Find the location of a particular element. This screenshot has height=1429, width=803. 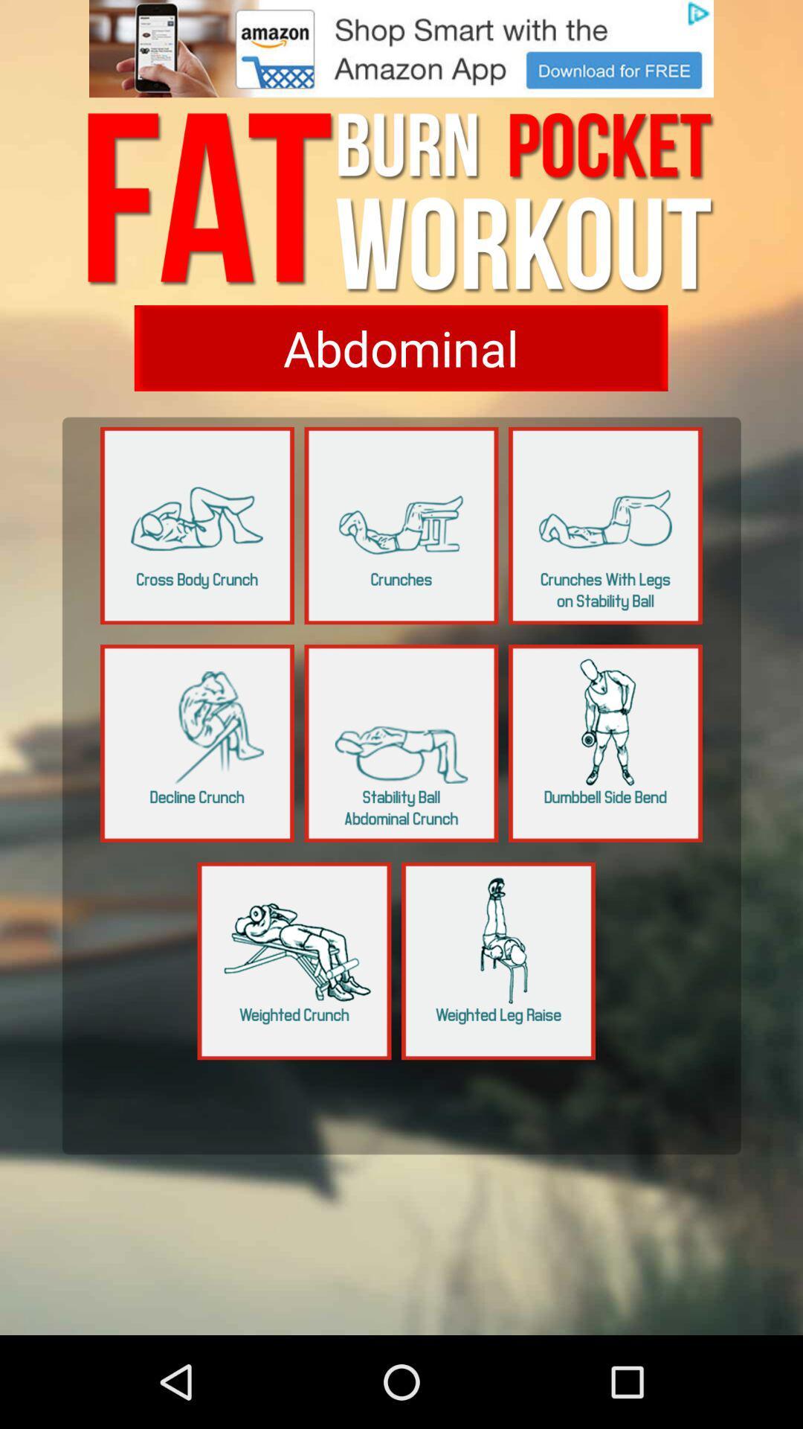

weighted crunch is located at coordinates (294, 961).